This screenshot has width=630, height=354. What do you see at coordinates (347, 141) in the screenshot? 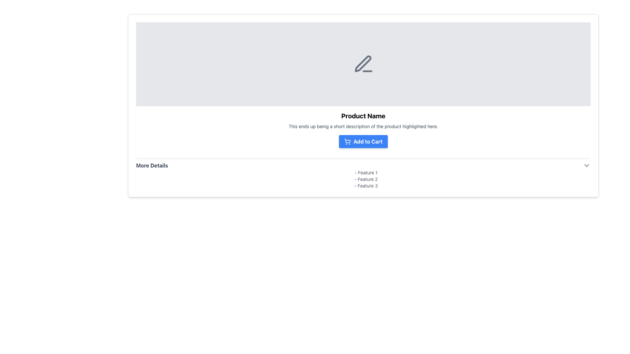
I see `the shopping cart icon located to the left of the 'Add to Cart' button, which is situated near the center of the interface below the product description` at bounding box center [347, 141].